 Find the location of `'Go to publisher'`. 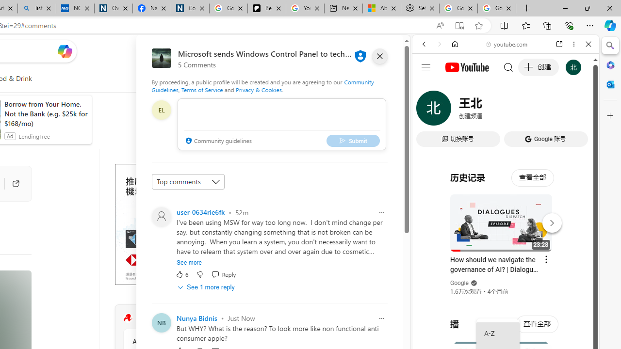

'Go to publisher' is located at coordinates (11, 184).